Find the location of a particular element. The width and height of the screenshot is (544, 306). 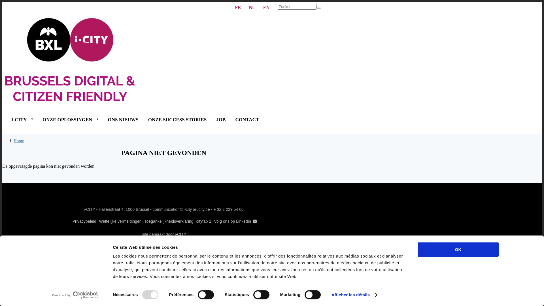

'Wettelijke vermeldingen' is located at coordinates (120, 221).